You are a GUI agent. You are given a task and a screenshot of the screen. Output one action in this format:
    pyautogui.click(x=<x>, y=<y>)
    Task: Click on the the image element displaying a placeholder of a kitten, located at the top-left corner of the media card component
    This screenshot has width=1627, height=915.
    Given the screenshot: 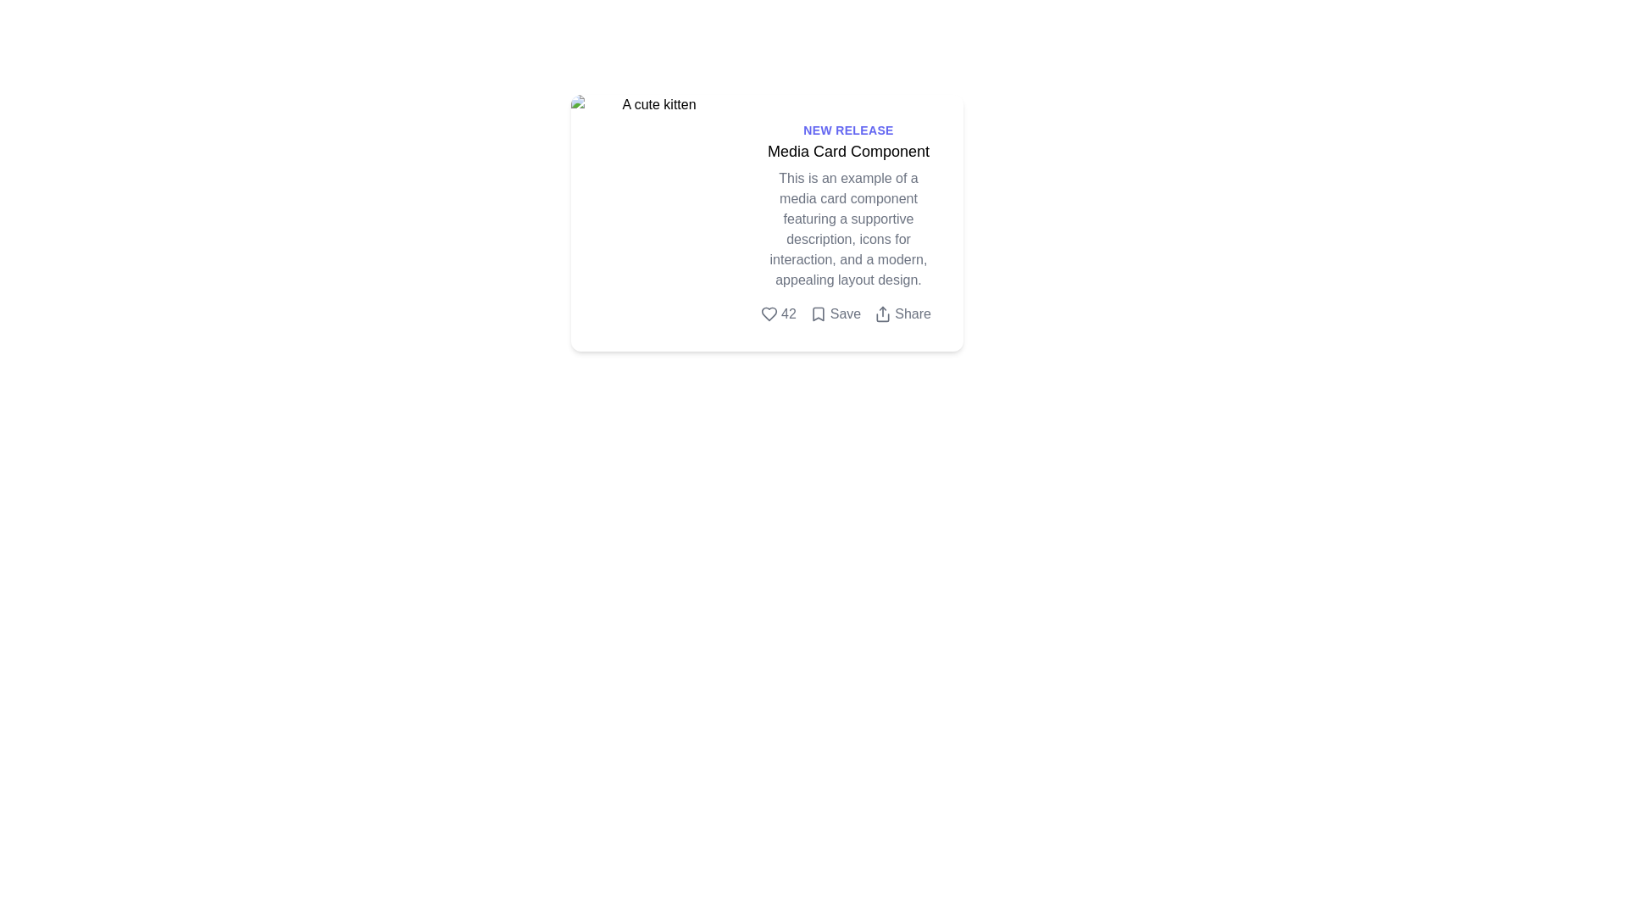 What is the action you would take?
    pyautogui.click(x=651, y=221)
    